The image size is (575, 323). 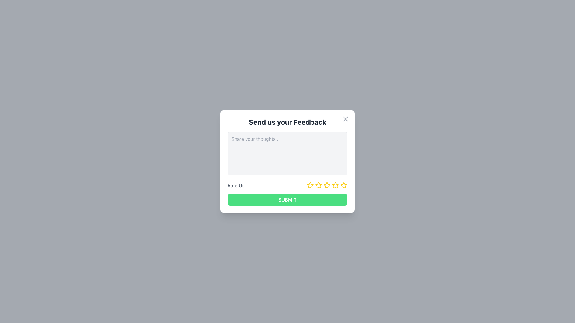 I want to click on the fifth star icon in the horizontal sequence of star ratings, so click(x=335, y=185).